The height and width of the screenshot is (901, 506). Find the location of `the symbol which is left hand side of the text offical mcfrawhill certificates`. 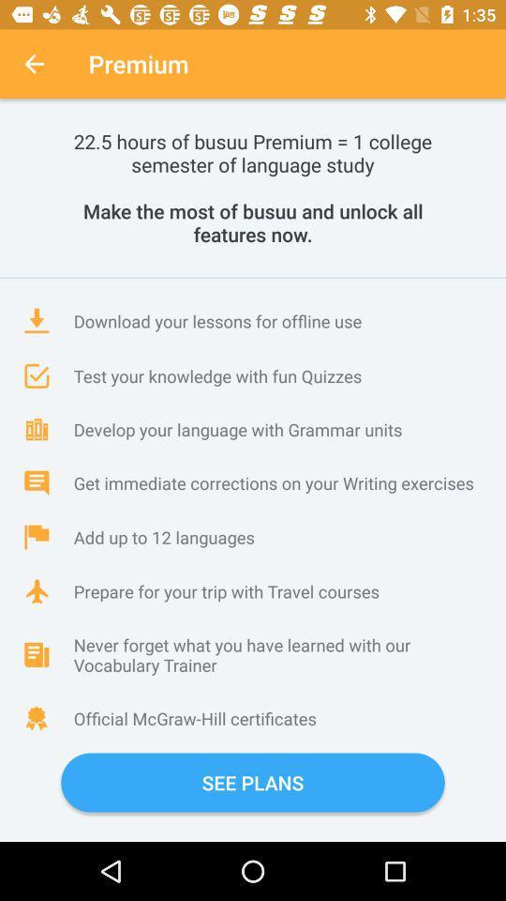

the symbol which is left hand side of the text offical mcfrawhill certificates is located at coordinates (37, 717).